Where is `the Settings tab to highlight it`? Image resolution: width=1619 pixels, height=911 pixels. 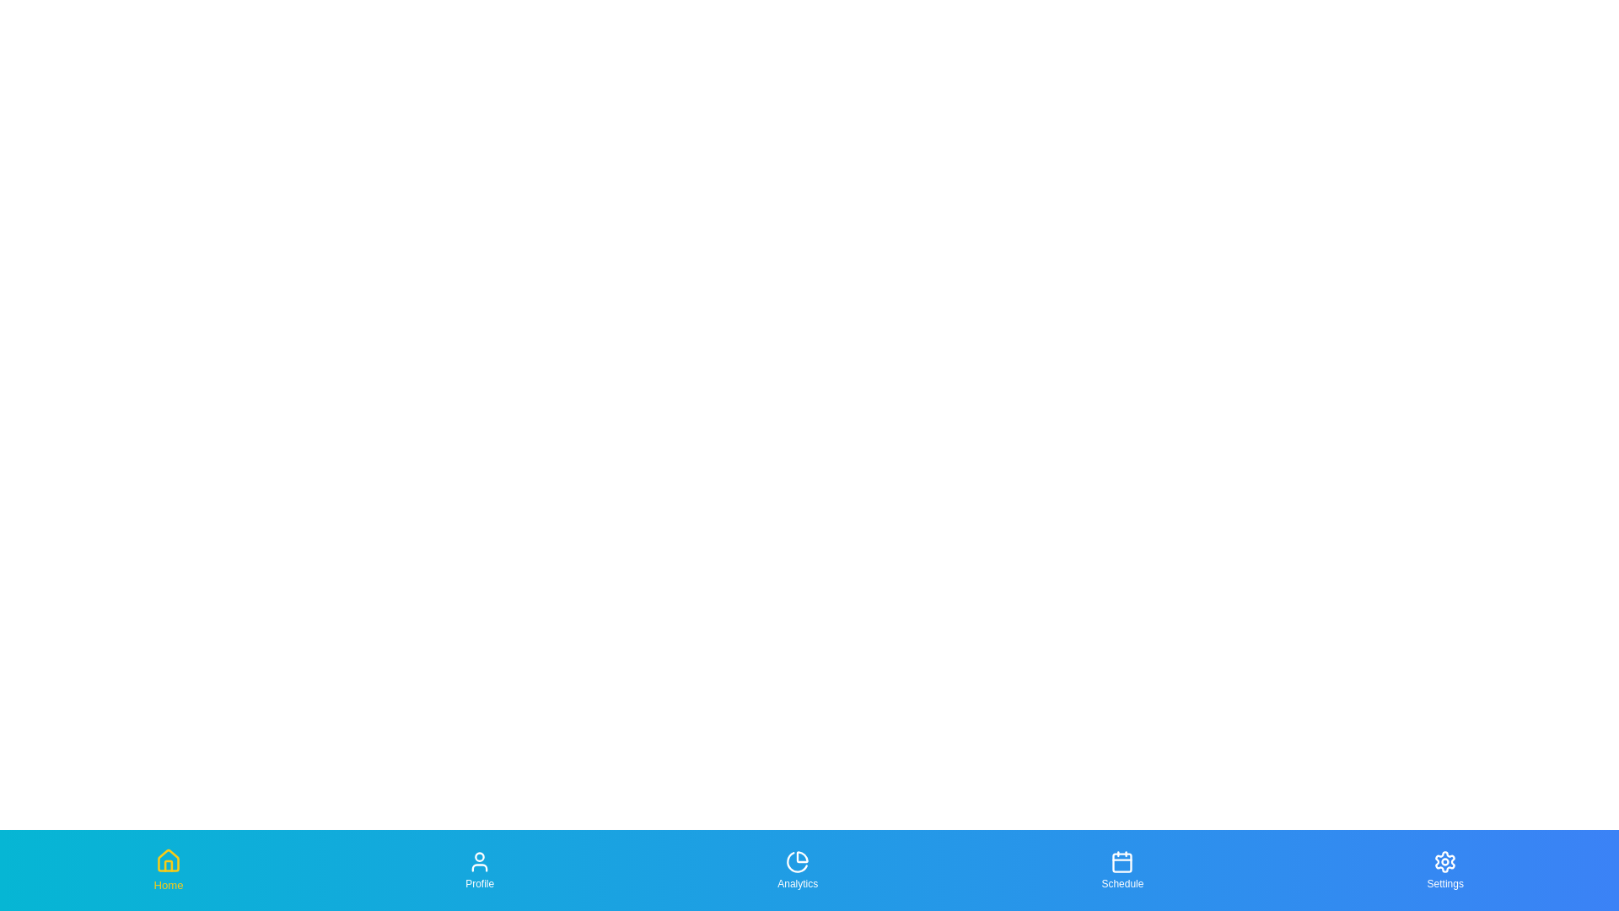
the Settings tab to highlight it is located at coordinates (1444, 871).